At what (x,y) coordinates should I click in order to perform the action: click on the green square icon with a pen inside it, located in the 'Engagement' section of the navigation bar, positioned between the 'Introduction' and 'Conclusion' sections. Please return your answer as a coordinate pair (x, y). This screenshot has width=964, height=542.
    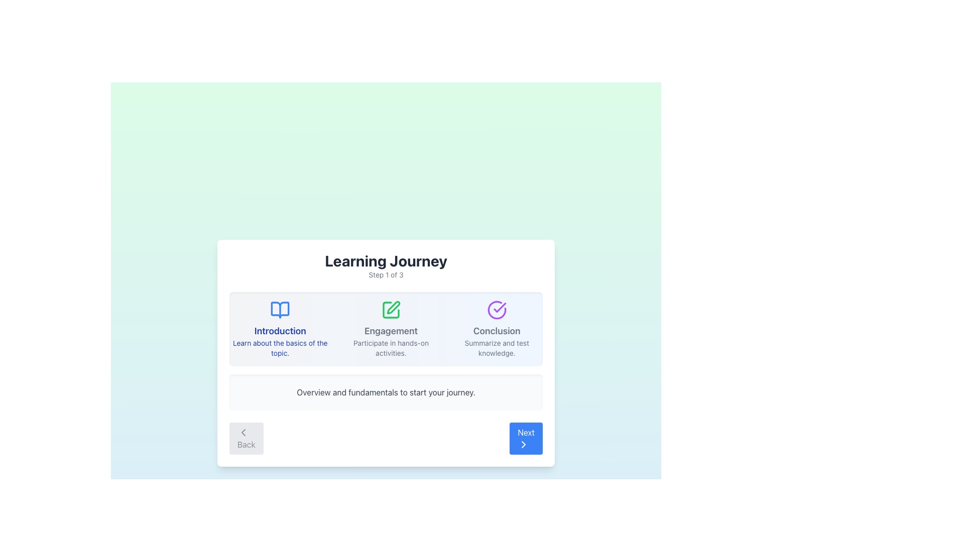
    Looking at the image, I should click on (390, 309).